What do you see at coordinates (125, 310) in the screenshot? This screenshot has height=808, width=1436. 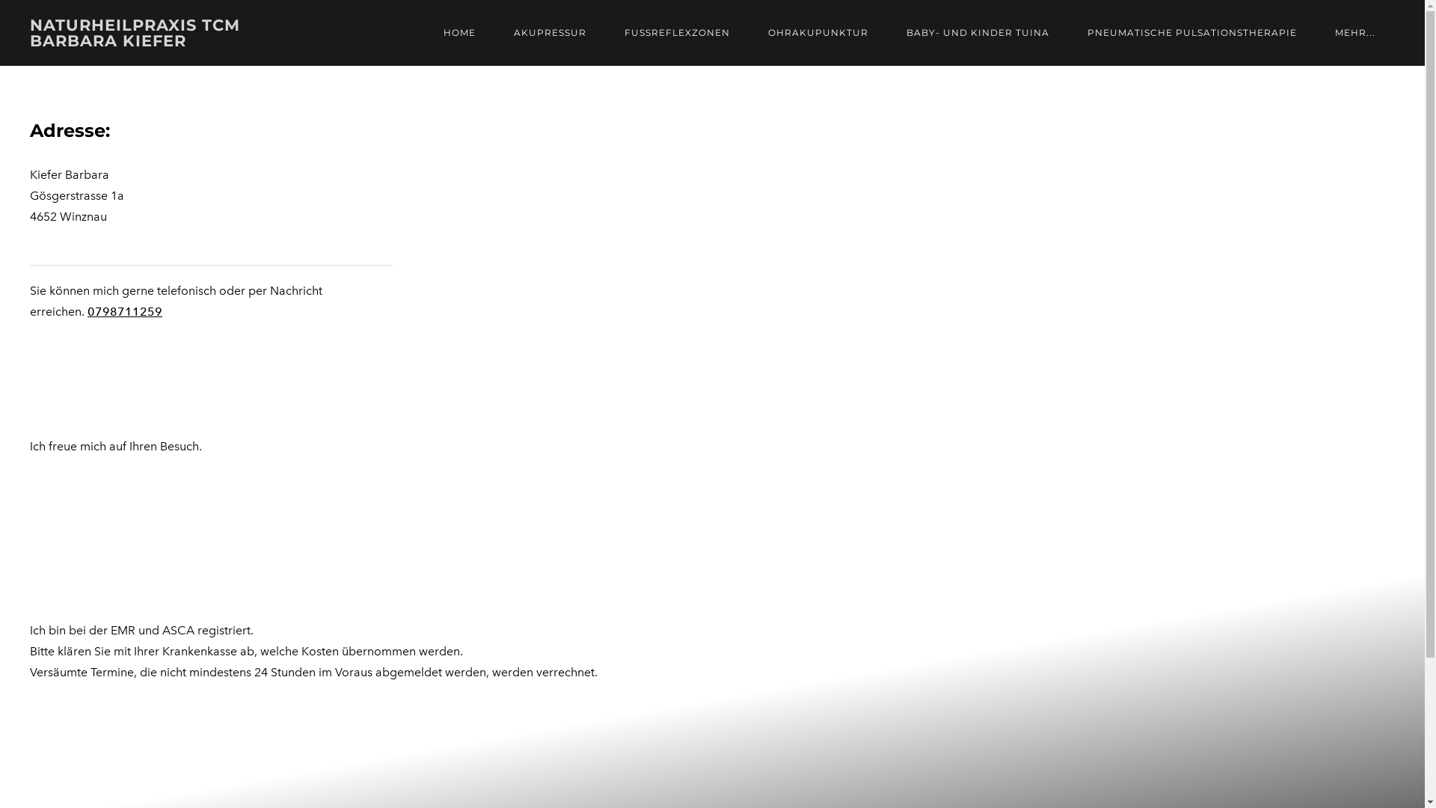 I see `'0798711259'` at bounding box center [125, 310].